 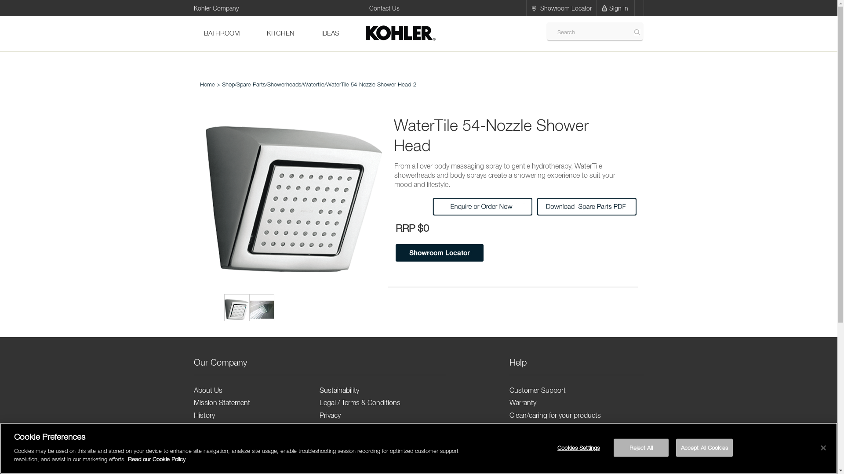 I want to click on 'Cookies Settings', so click(x=578, y=447).